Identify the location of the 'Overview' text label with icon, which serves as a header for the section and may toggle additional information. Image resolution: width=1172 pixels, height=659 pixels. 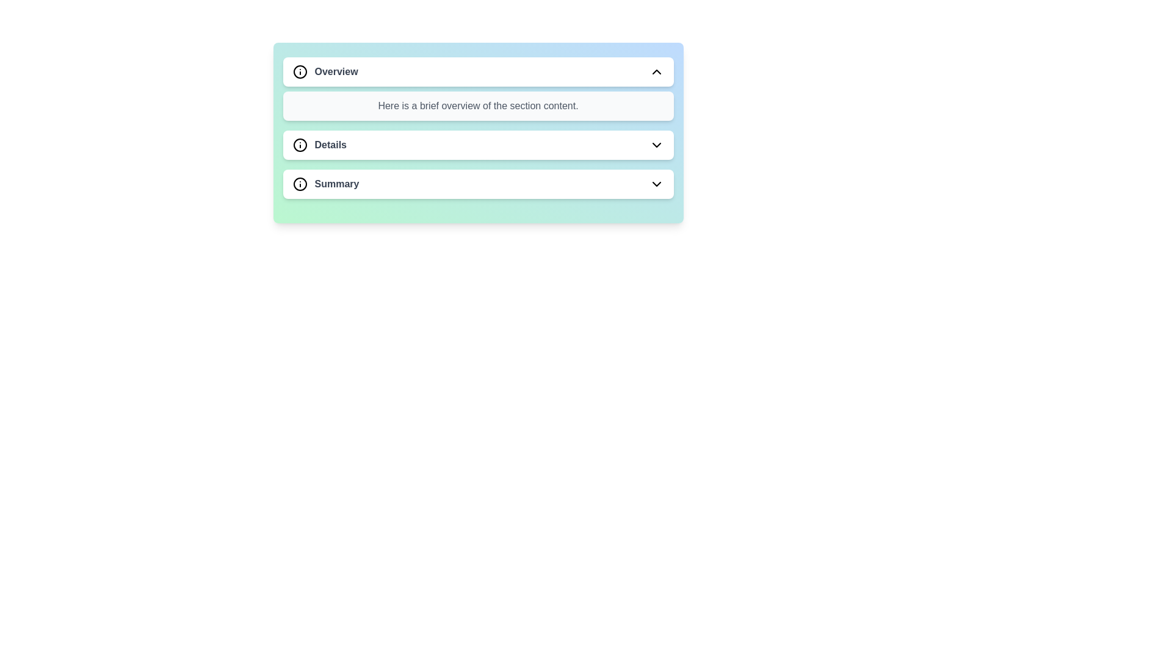
(325, 72).